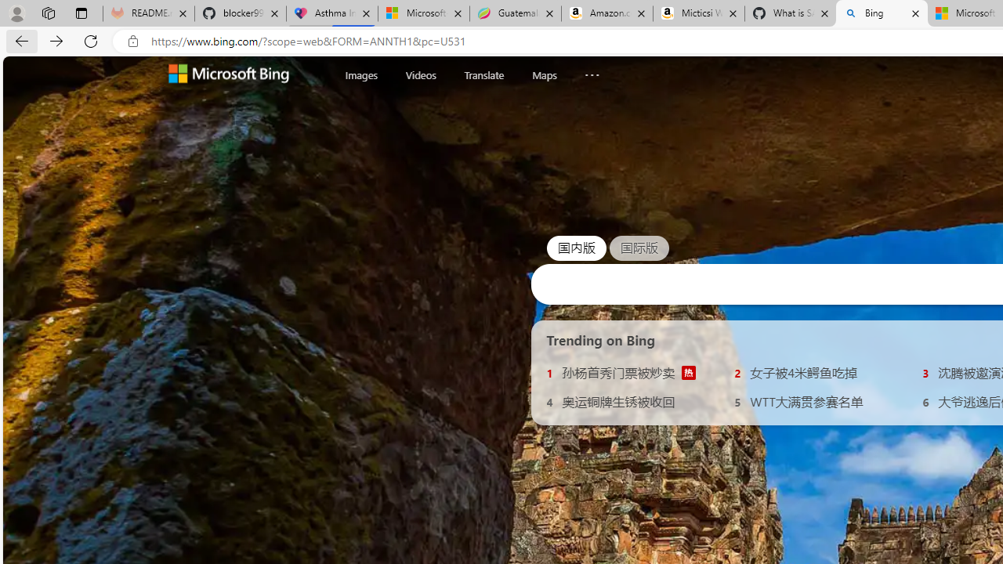 Image resolution: width=1003 pixels, height=564 pixels. What do you see at coordinates (420, 74) in the screenshot?
I see `'Videos'` at bounding box center [420, 74].